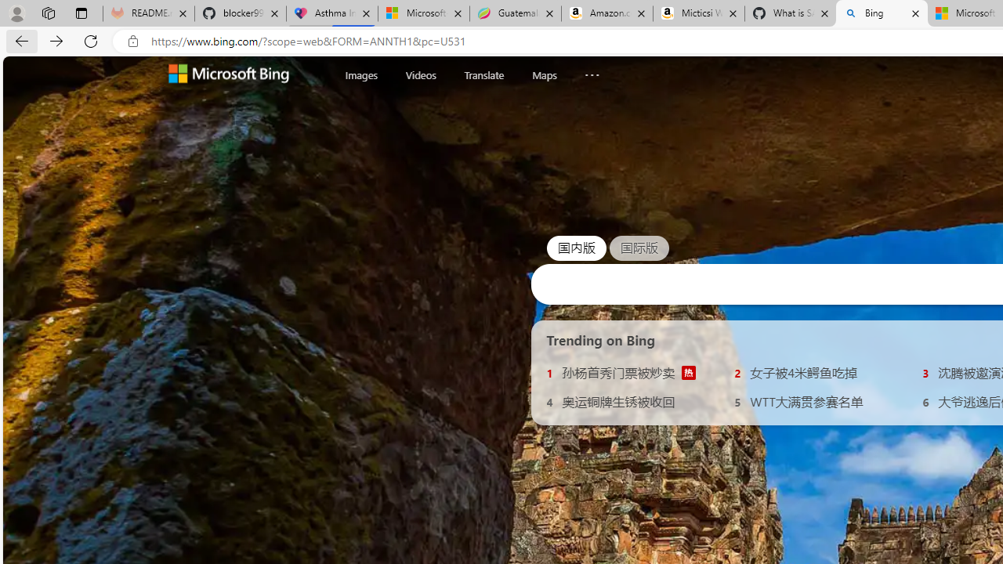 Image resolution: width=1003 pixels, height=564 pixels. What do you see at coordinates (420, 74) in the screenshot?
I see `'Videos'` at bounding box center [420, 74].